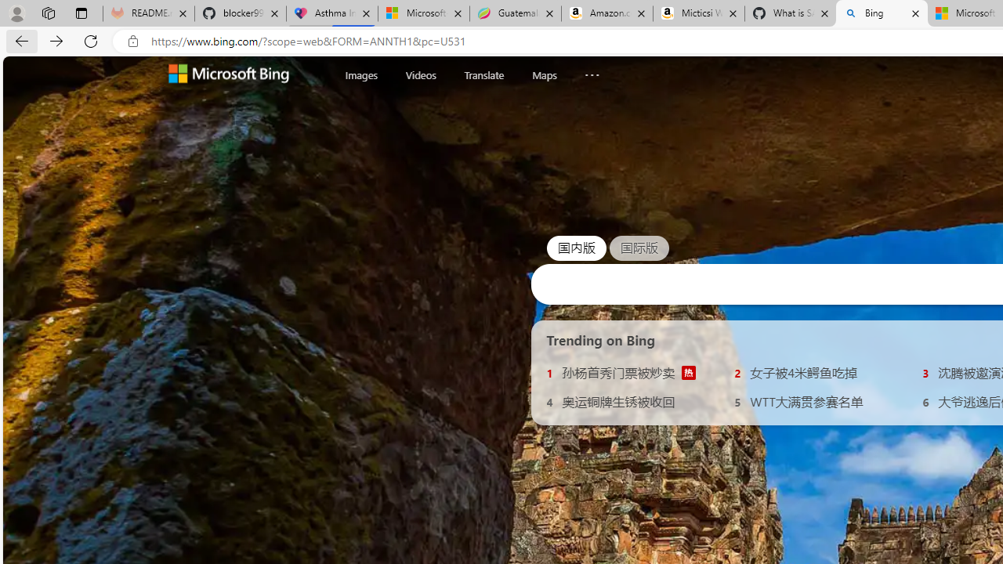 Image resolution: width=1003 pixels, height=564 pixels. What do you see at coordinates (420, 74) in the screenshot?
I see `'Videos'` at bounding box center [420, 74].